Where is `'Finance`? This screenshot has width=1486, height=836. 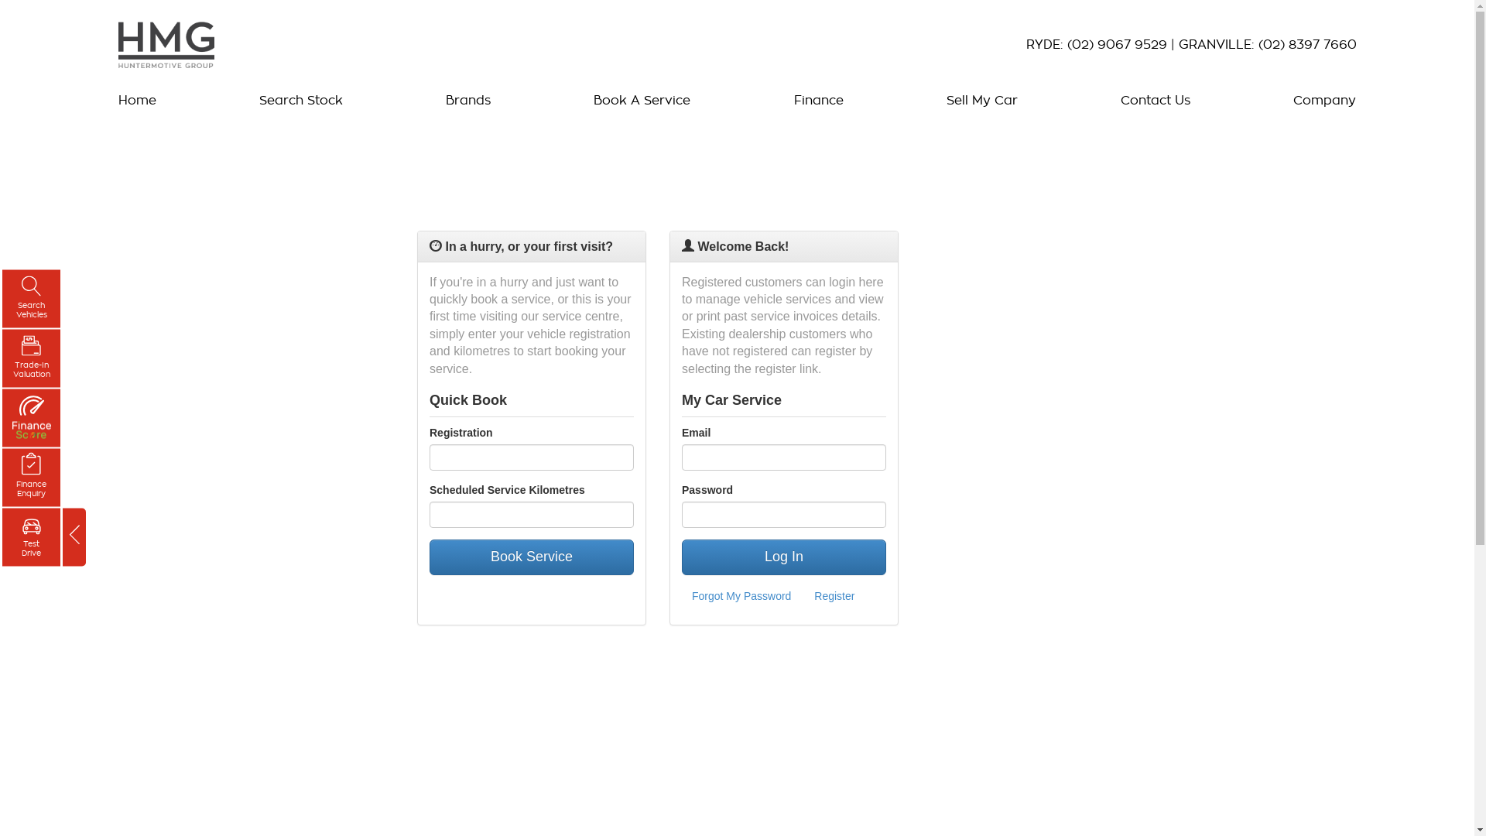 'Finance is located at coordinates (2, 477).